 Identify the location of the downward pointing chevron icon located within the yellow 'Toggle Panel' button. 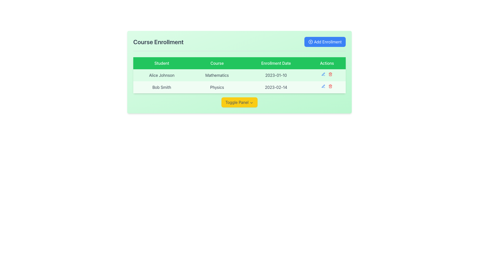
(252, 102).